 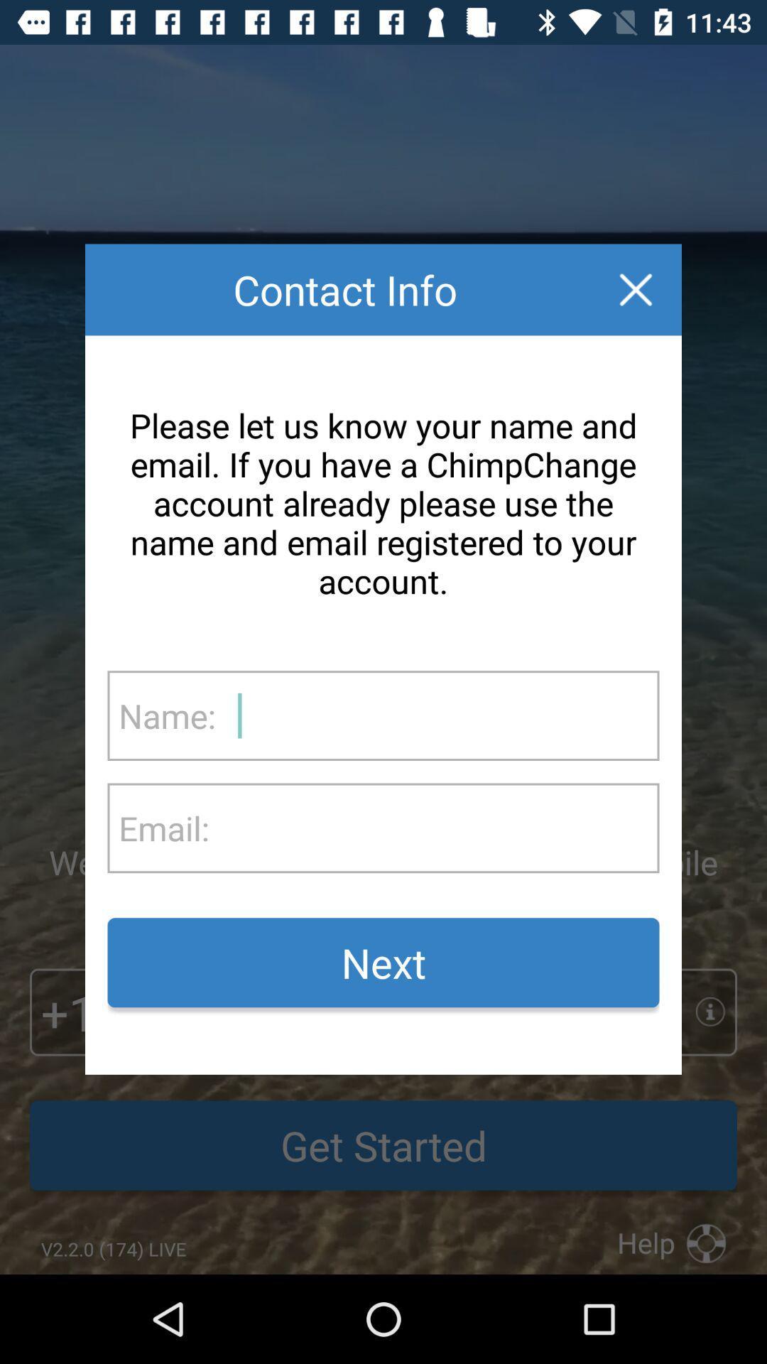 What do you see at coordinates (433, 828) in the screenshot?
I see `email address box` at bounding box center [433, 828].